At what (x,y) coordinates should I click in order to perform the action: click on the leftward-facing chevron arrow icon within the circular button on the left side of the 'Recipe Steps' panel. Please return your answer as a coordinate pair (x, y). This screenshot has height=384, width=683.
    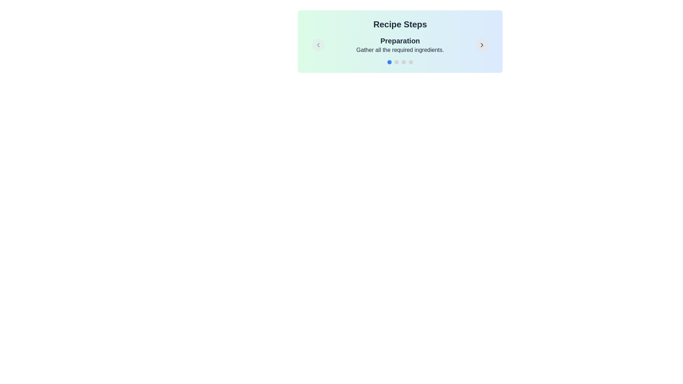
    Looking at the image, I should click on (318, 45).